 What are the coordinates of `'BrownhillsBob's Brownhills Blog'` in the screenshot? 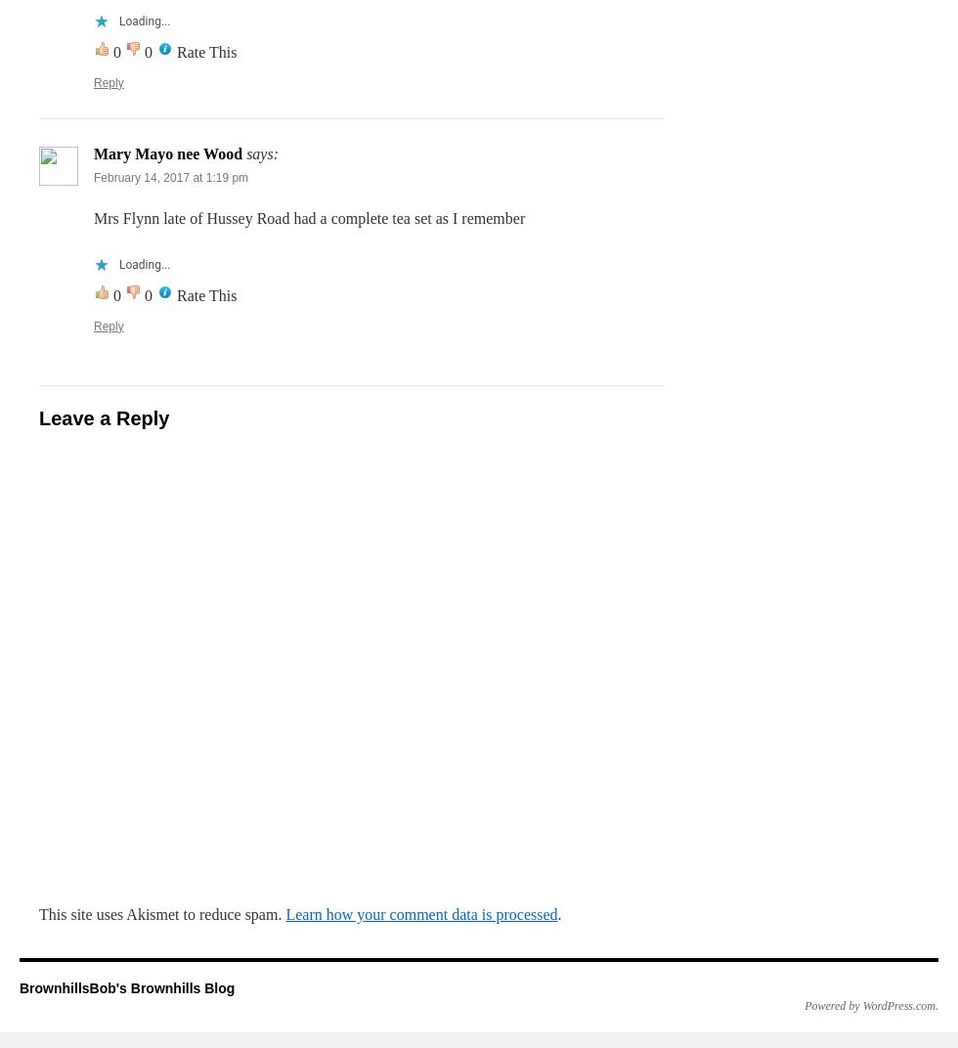 It's located at (127, 987).